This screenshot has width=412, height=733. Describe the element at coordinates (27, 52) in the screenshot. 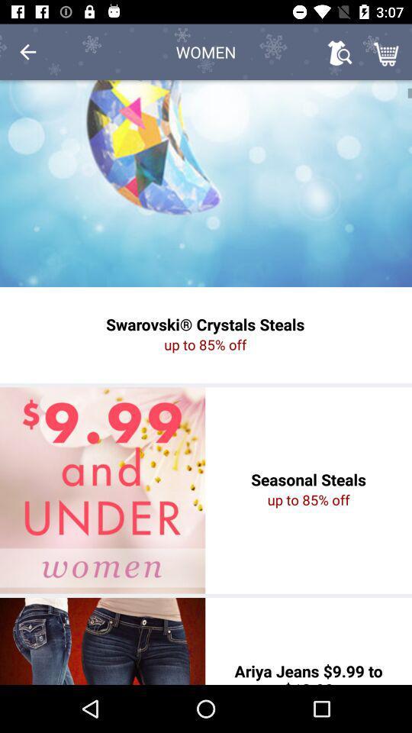

I see `the icon next to women item` at that location.